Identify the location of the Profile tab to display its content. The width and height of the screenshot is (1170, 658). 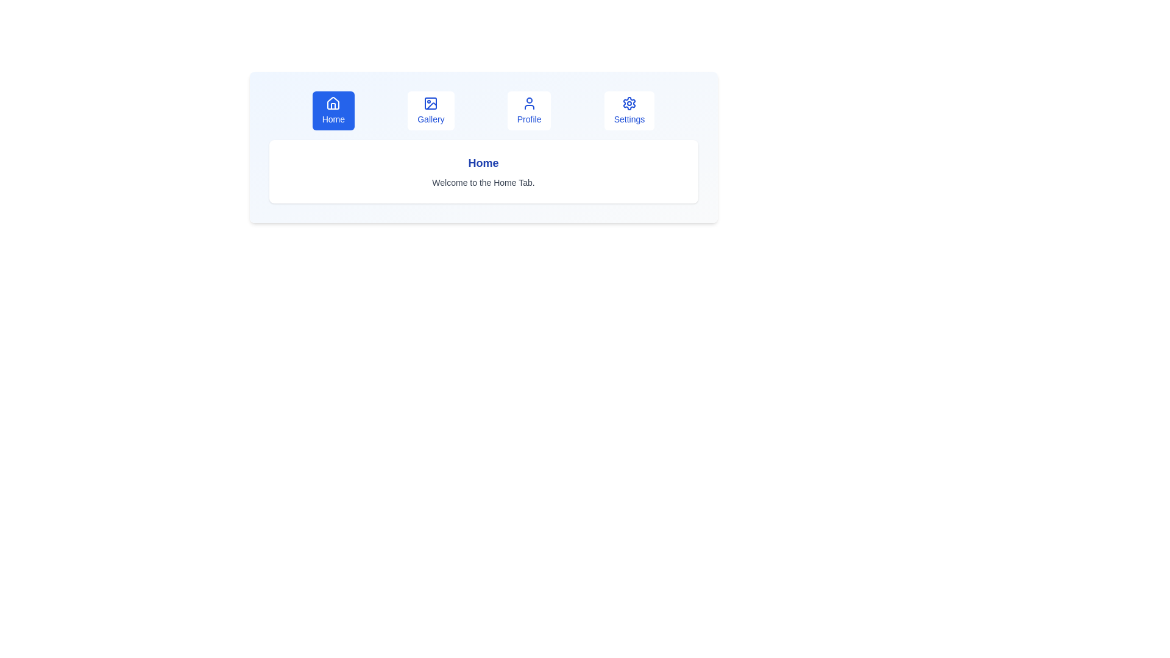
(529, 110).